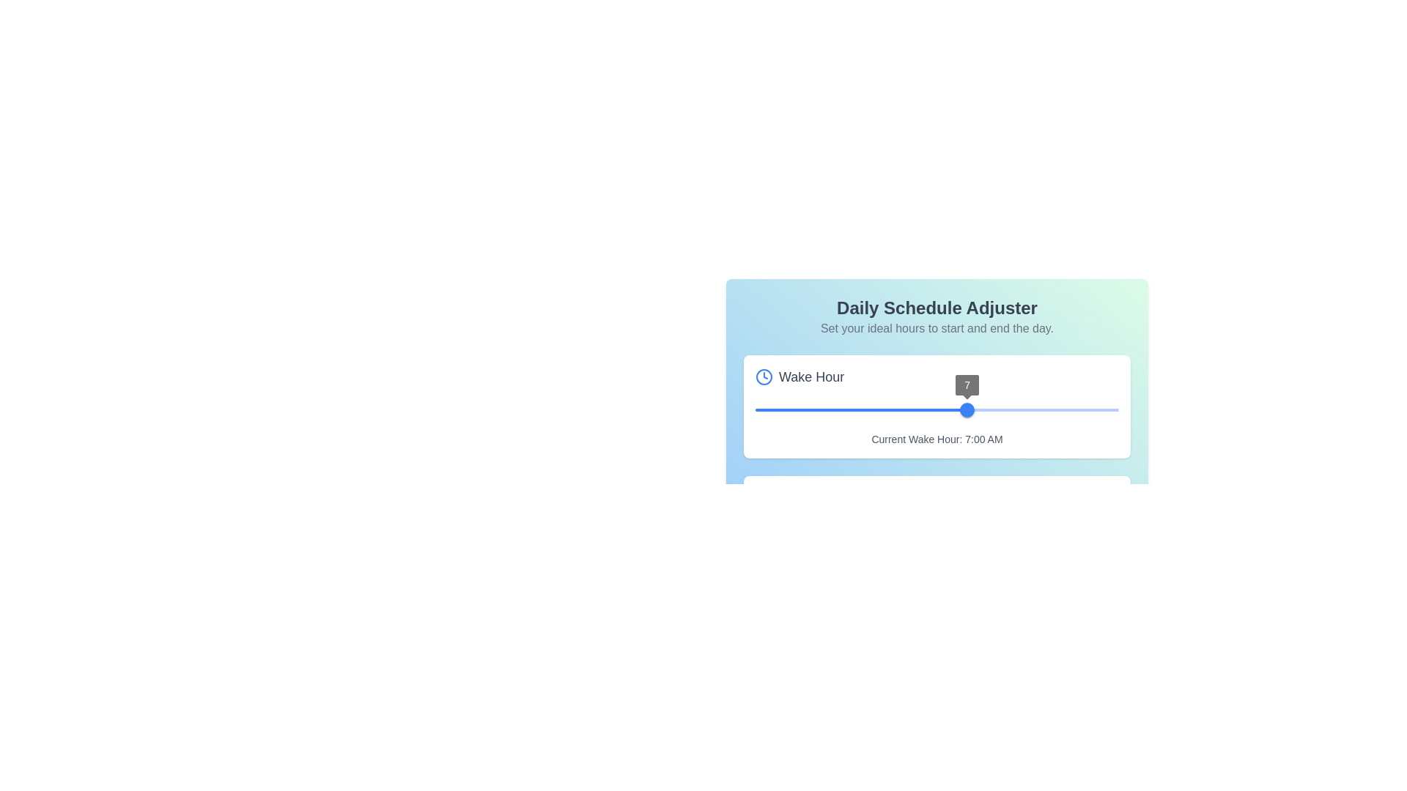 This screenshot has height=791, width=1407. Describe the element at coordinates (967, 384) in the screenshot. I see `value displayed on the small, circular UI component showing the number '7' above the slider thumb of the 'Wake Hour' slider` at that location.